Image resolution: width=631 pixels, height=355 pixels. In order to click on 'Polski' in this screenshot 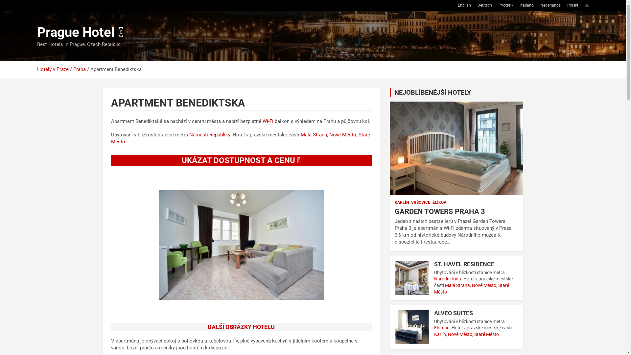, I will do `click(567, 5)`.